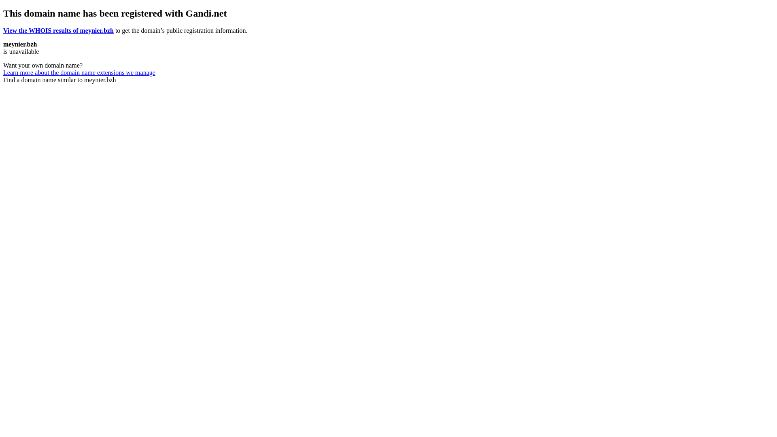 Image resolution: width=777 pixels, height=437 pixels. I want to click on 'Learn more about the domain name extensions we manage', so click(79, 72).